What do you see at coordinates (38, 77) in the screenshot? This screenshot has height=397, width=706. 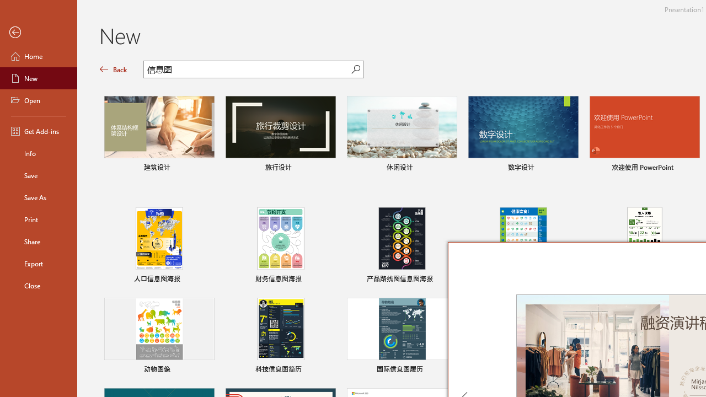 I see `'New'` at bounding box center [38, 77].